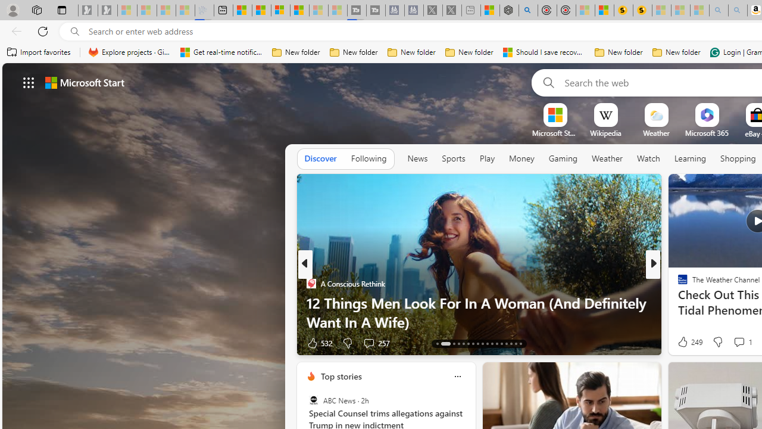 Image resolution: width=762 pixels, height=429 pixels. Describe the element at coordinates (445, 344) in the screenshot. I see `'AutomationID: tab-14'` at that location.